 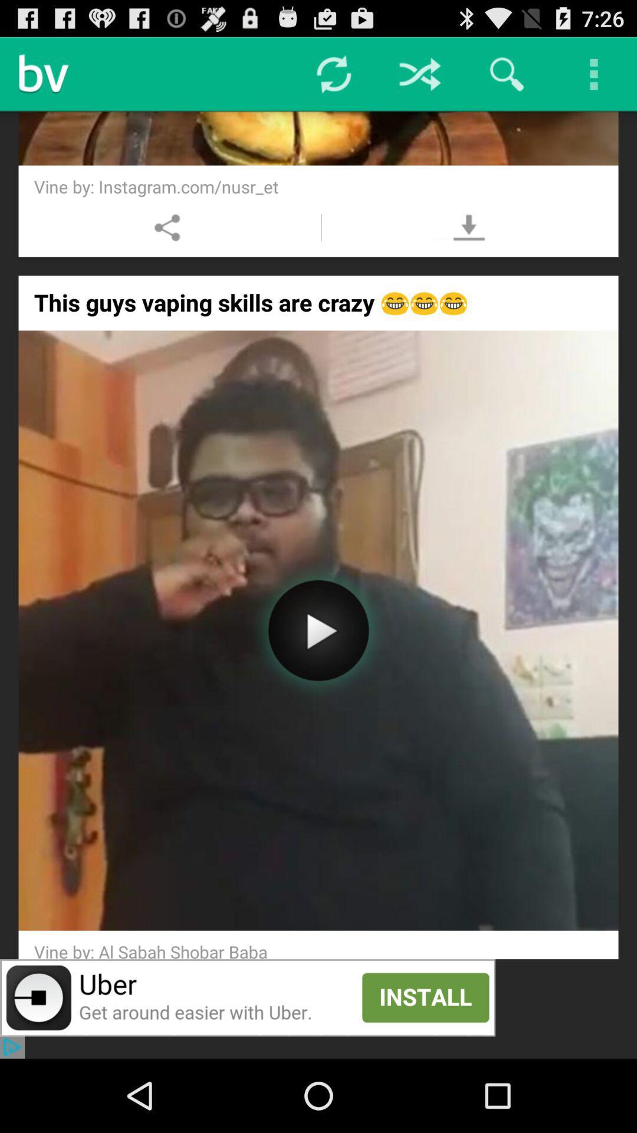 What do you see at coordinates (168, 227) in the screenshot?
I see `share` at bounding box center [168, 227].